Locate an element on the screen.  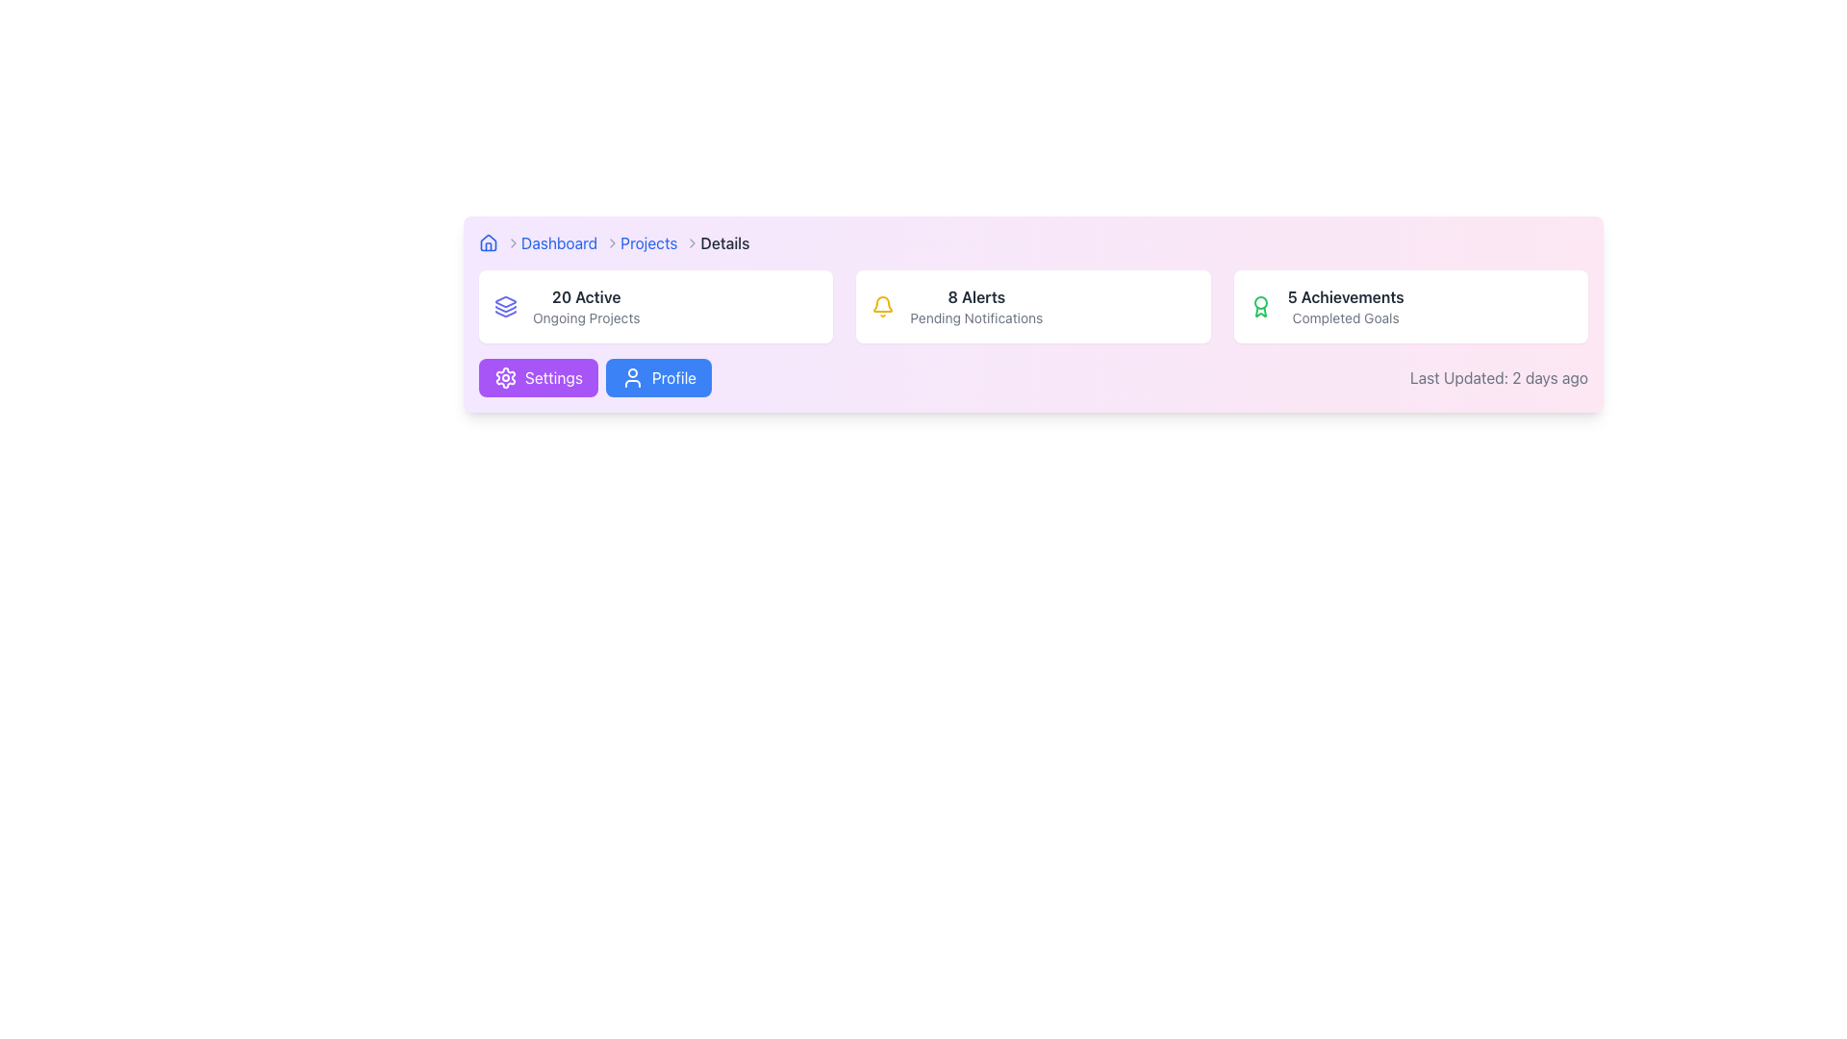
the right-facing chevron icon in the breadcrumb navigation bar, which is located to the immediate right of the 'Projects' text link is located at coordinates (693, 242).